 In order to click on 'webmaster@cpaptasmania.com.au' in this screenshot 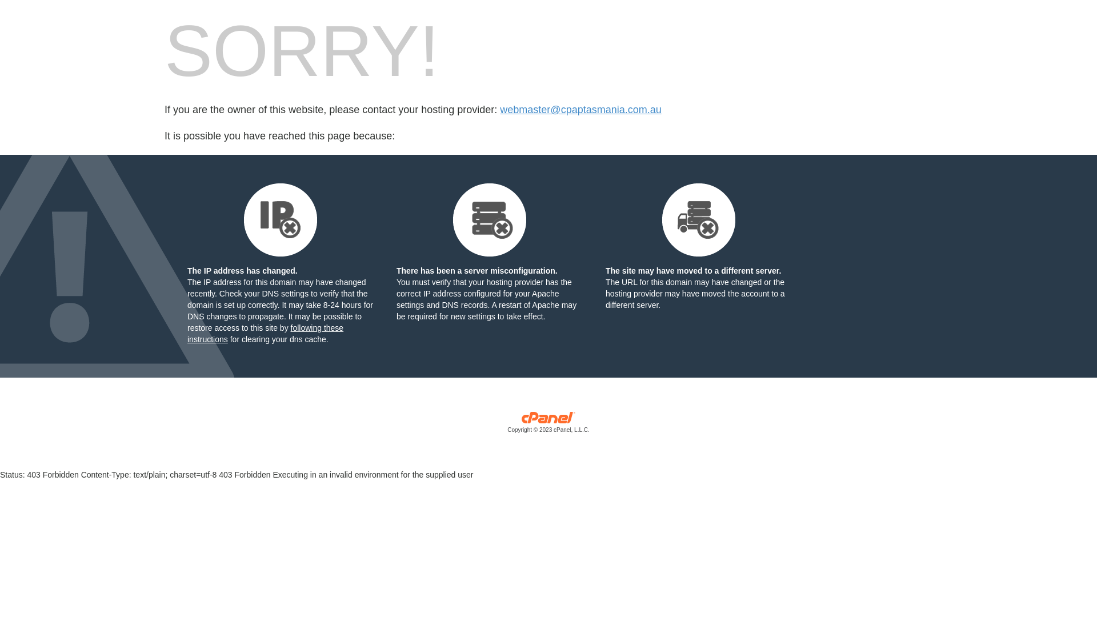, I will do `click(580, 110)`.